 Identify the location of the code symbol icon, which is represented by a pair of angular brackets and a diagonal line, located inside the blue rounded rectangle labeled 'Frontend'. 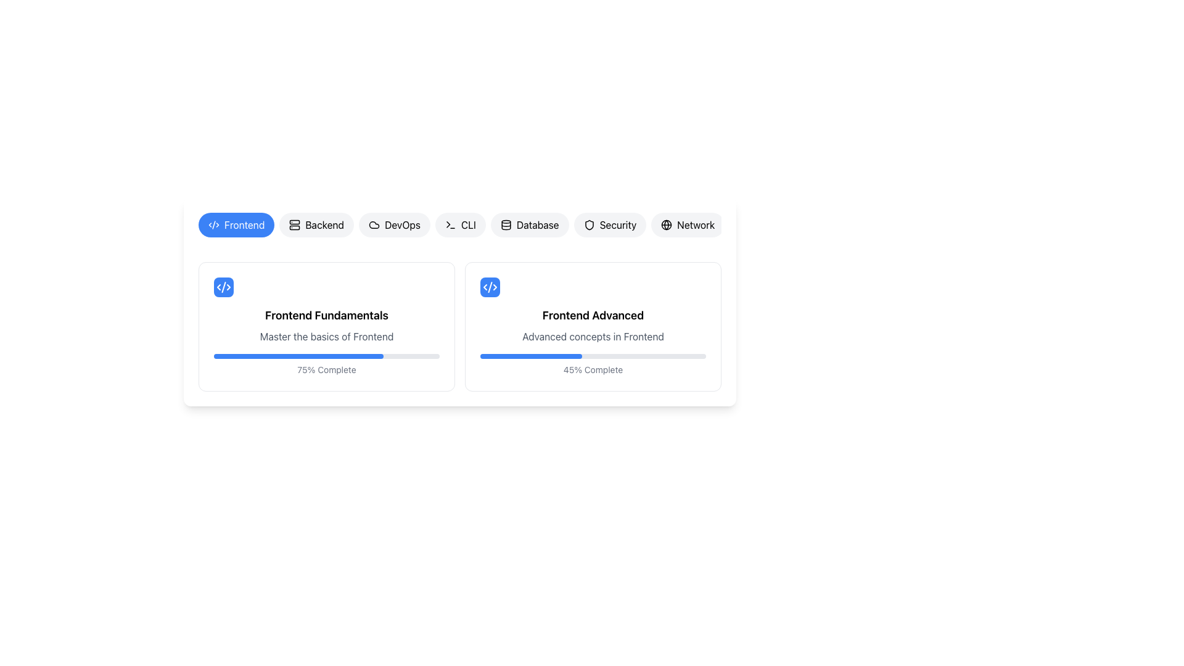
(213, 225).